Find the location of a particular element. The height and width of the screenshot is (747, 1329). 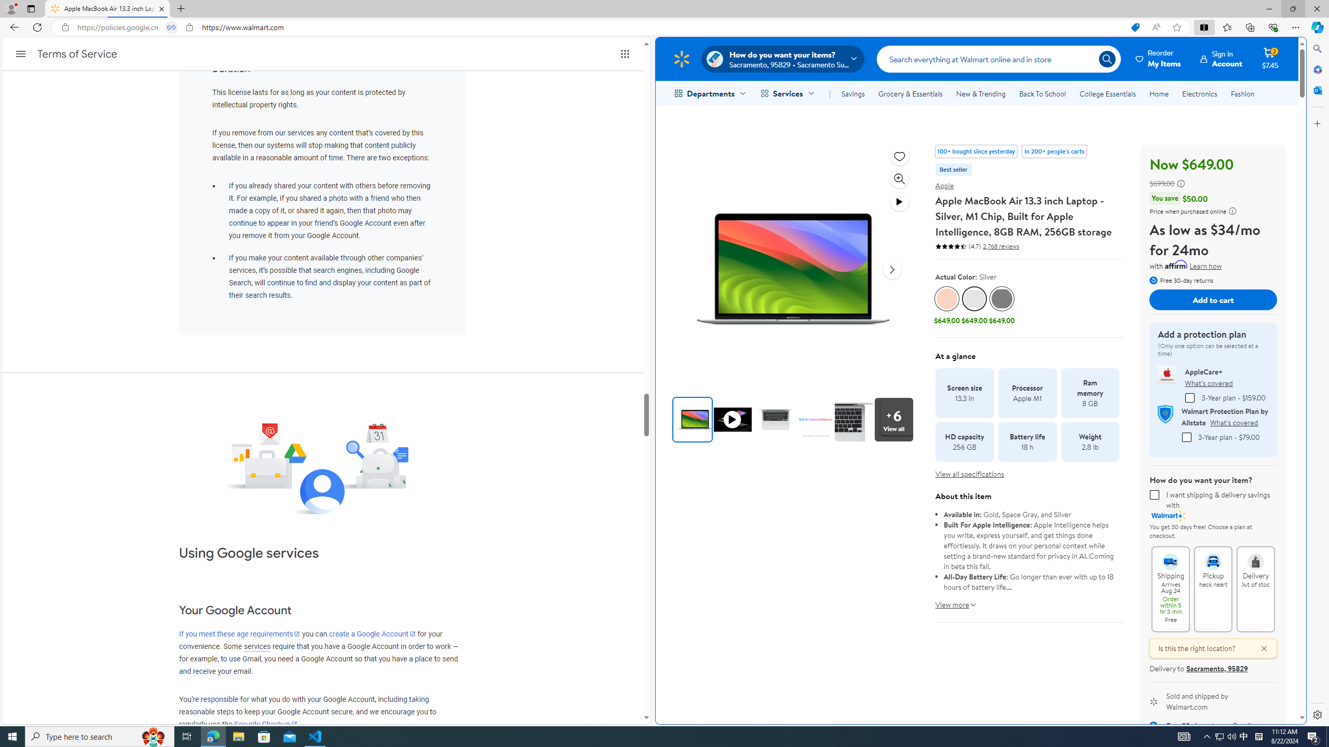

'Fashion' is located at coordinates (1242, 93).